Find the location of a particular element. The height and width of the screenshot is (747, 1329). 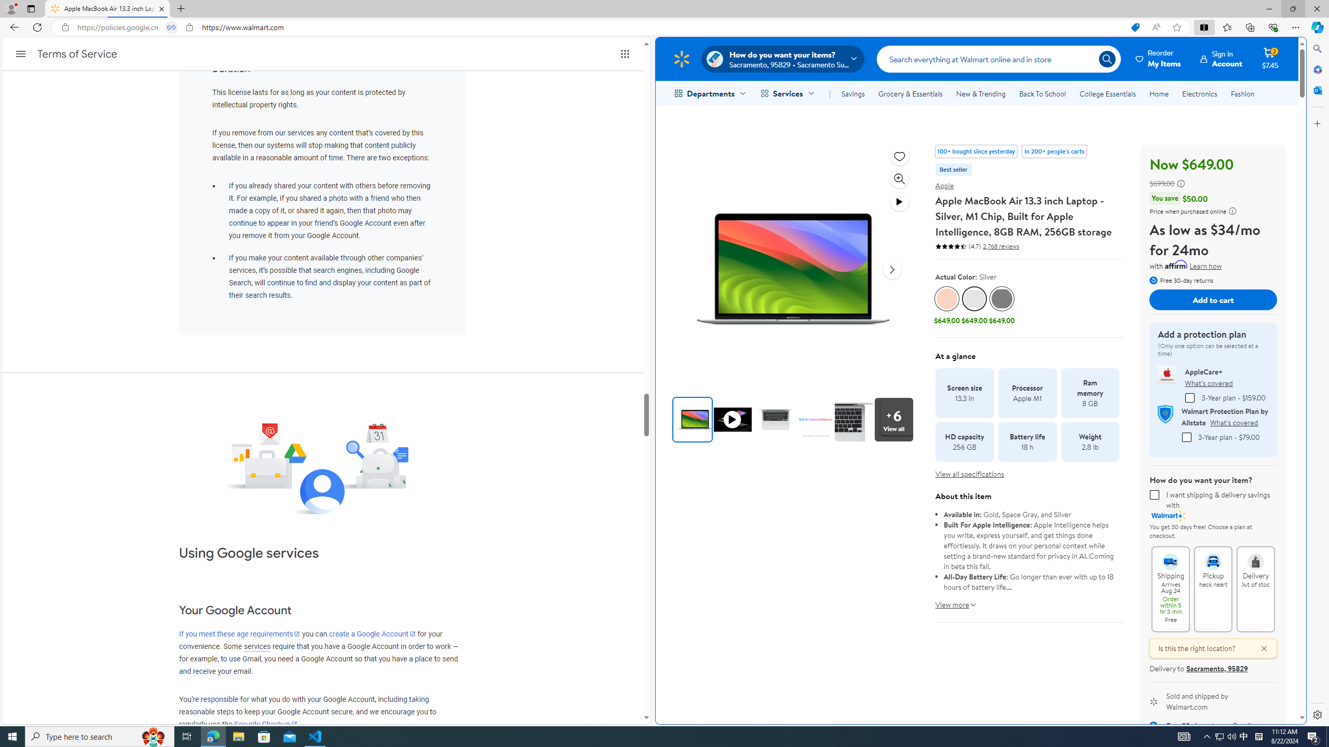

'Fashion' is located at coordinates (1242, 93).